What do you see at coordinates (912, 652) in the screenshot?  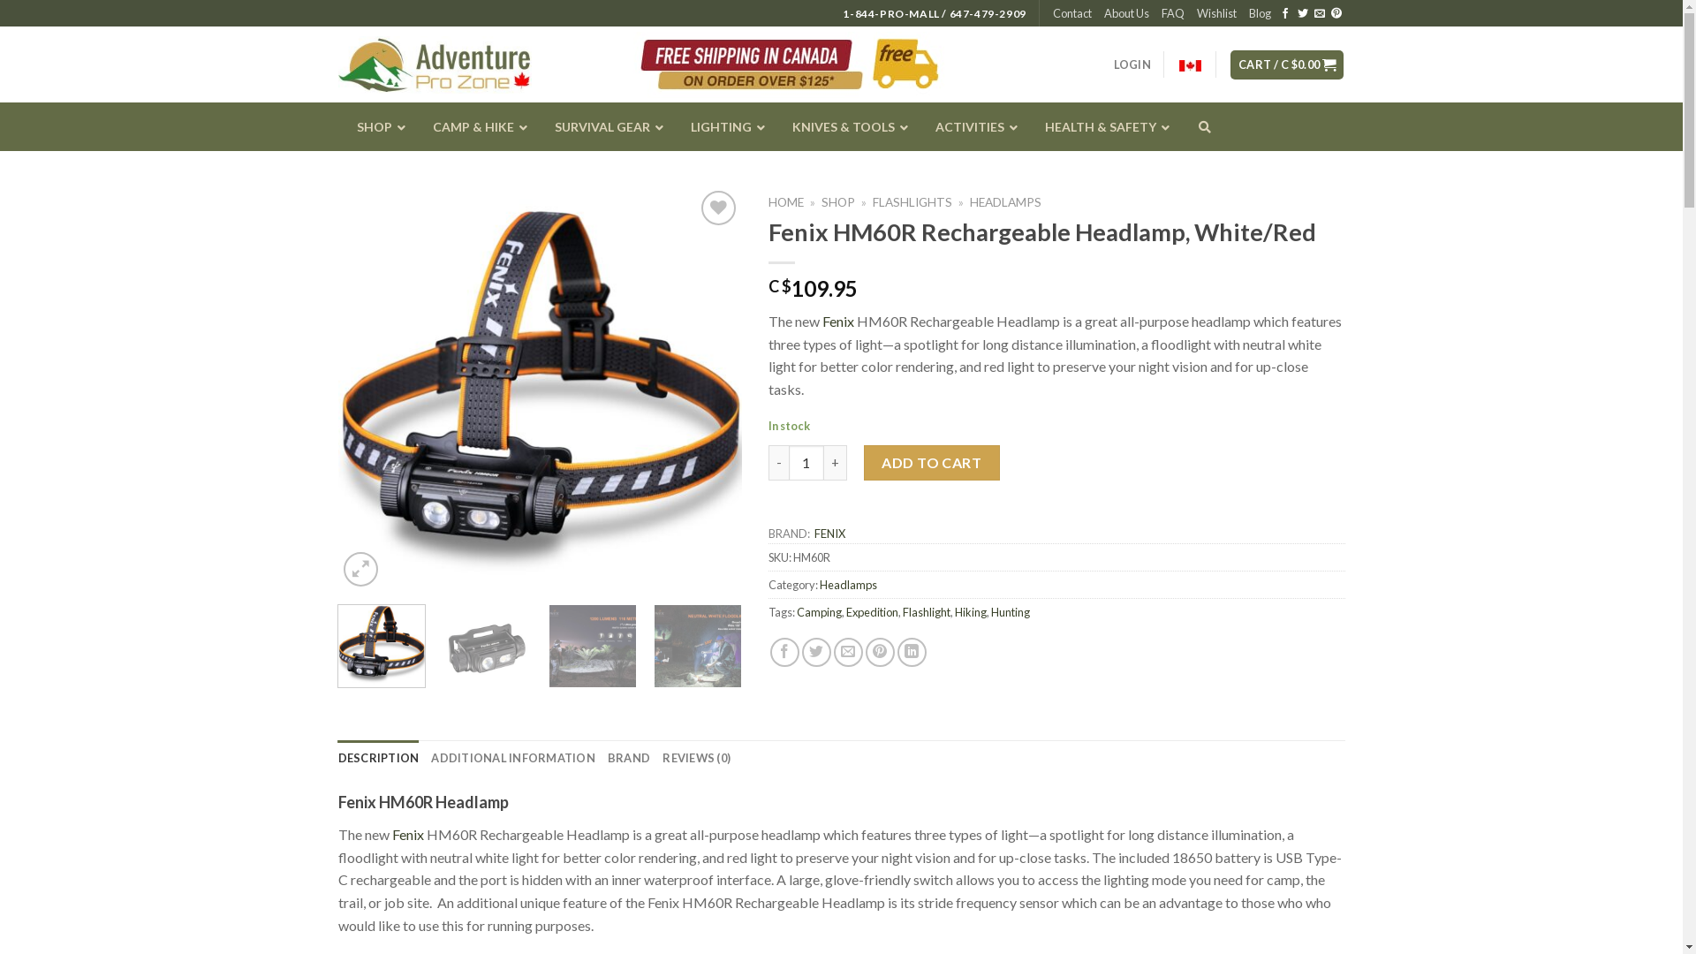 I see `'Share on LinkedIn'` at bounding box center [912, 652].